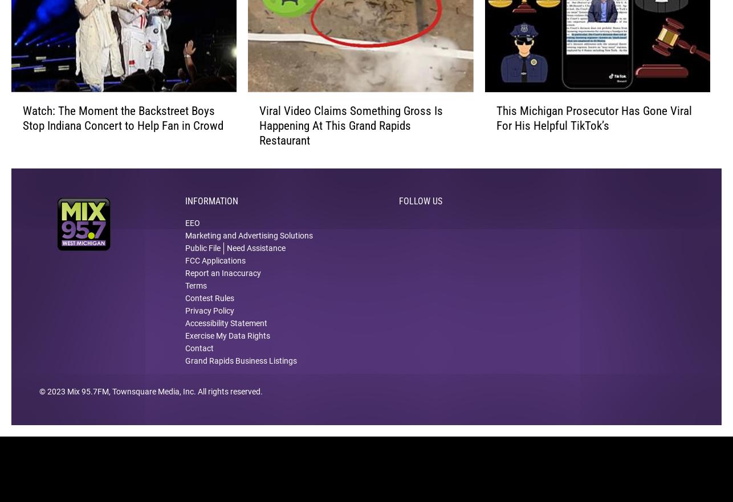 The width and height of the screenshot is (733, 502). Describe the element at coordinates (398, 216) in the screenshot. I see `'Follow Us'` at that location.